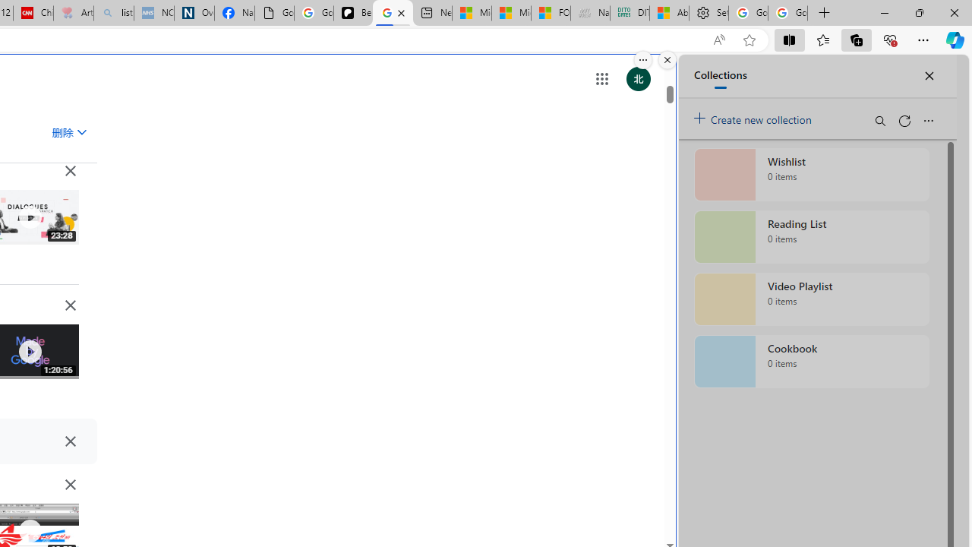  I want to click on 'Class: asE2Ub NMm5M', so click(80, 131).